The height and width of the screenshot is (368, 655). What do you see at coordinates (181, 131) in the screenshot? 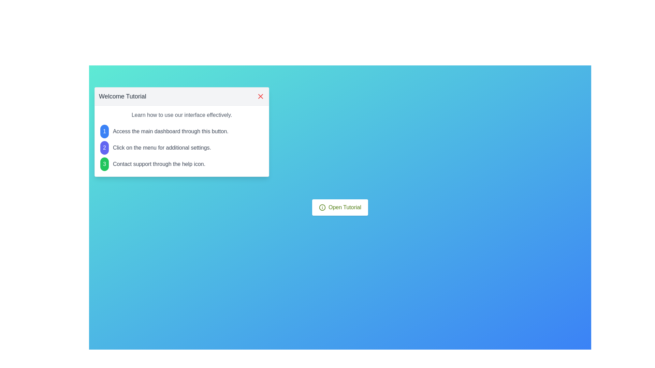
I see `the circular blue icon with the number '1' and the instructional text 'Access the main dashboard through this button.'` at bounding box center [181, 131].